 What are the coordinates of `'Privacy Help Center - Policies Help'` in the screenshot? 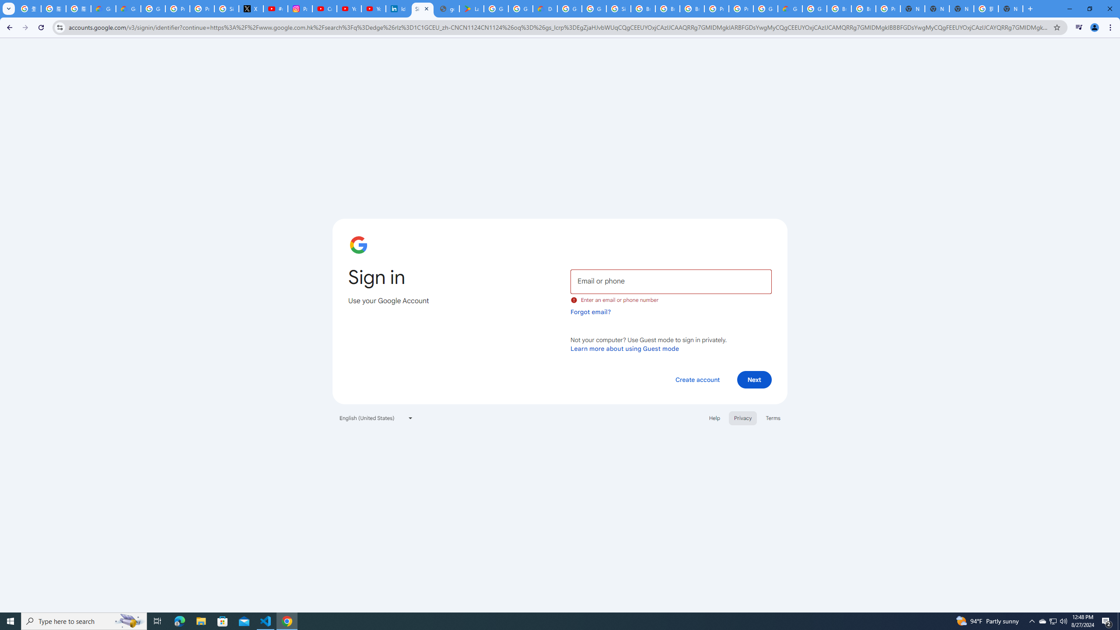 It's located at (202, 8).